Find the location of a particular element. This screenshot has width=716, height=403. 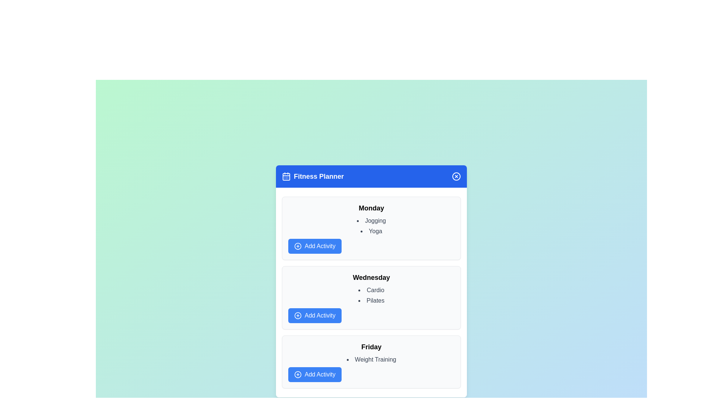

the 'Add Activity' button for Friday is located at coordinates (315, 374).